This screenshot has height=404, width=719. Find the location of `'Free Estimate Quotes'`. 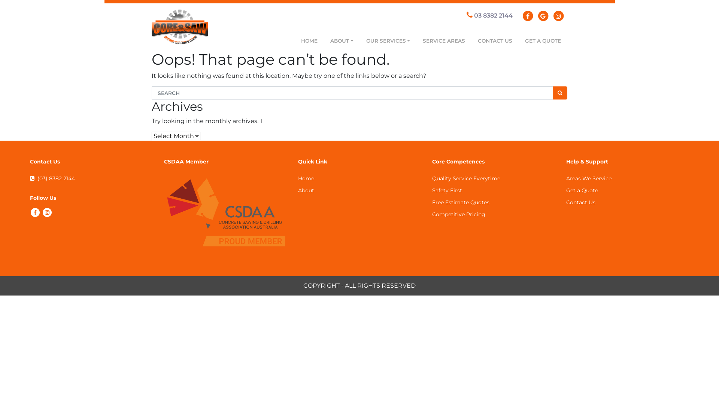

'Free Estimate Quotes' is located at coordinates (460, 202).